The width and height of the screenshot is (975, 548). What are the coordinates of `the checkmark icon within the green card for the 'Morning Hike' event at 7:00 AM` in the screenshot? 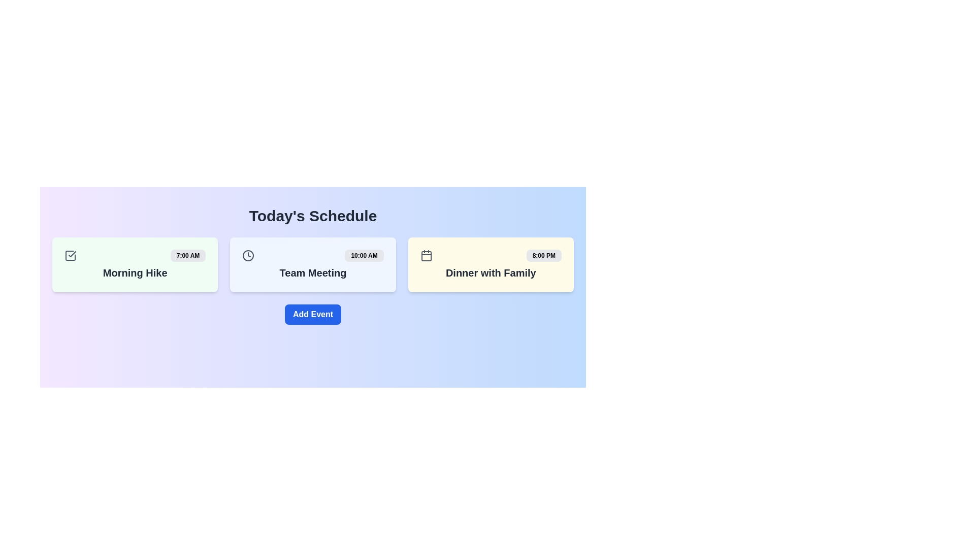 It's located at (70, 255).